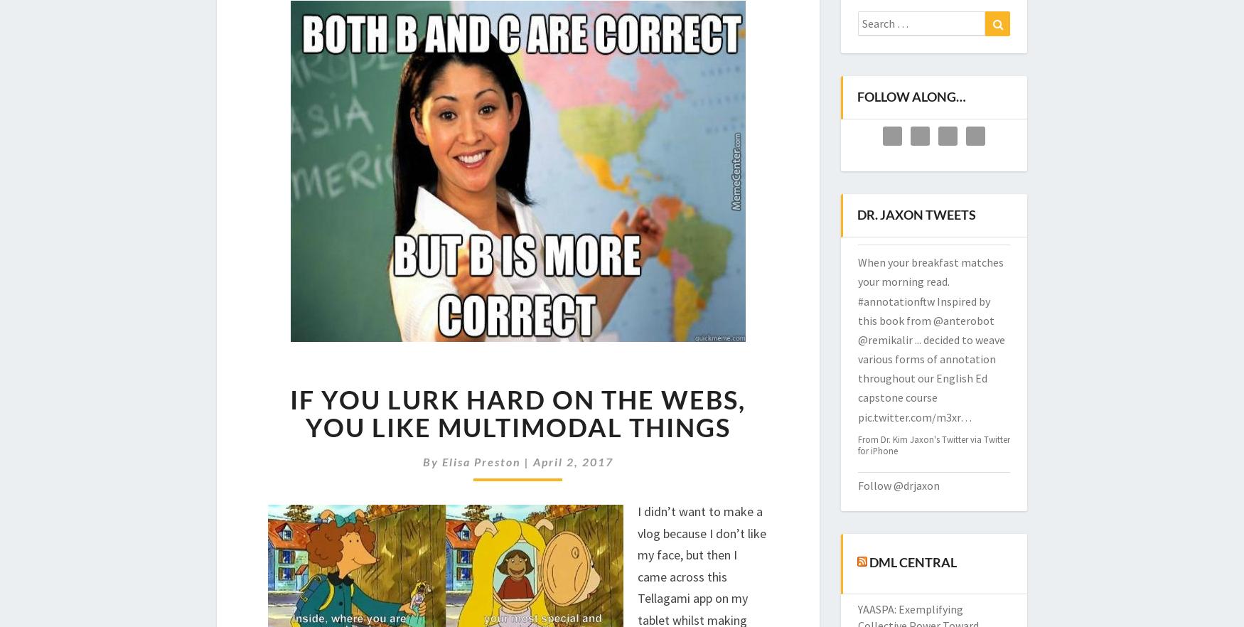 This screenshot has width=1244, height=627. I want to click on 'If You Lurk Hard on The Webs, You Like Multimodal Things', so click(518, 412).